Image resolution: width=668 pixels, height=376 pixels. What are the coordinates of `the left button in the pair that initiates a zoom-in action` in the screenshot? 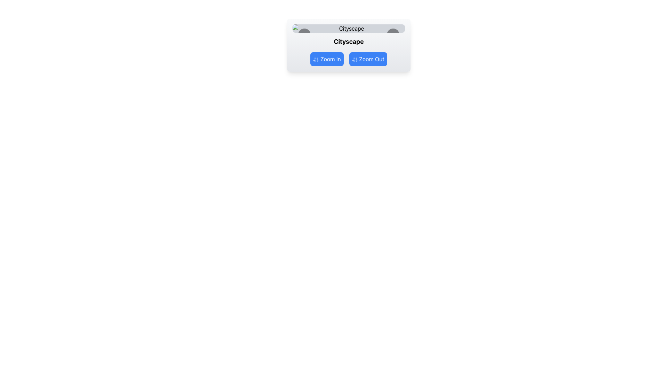 It's located at (327, 58).